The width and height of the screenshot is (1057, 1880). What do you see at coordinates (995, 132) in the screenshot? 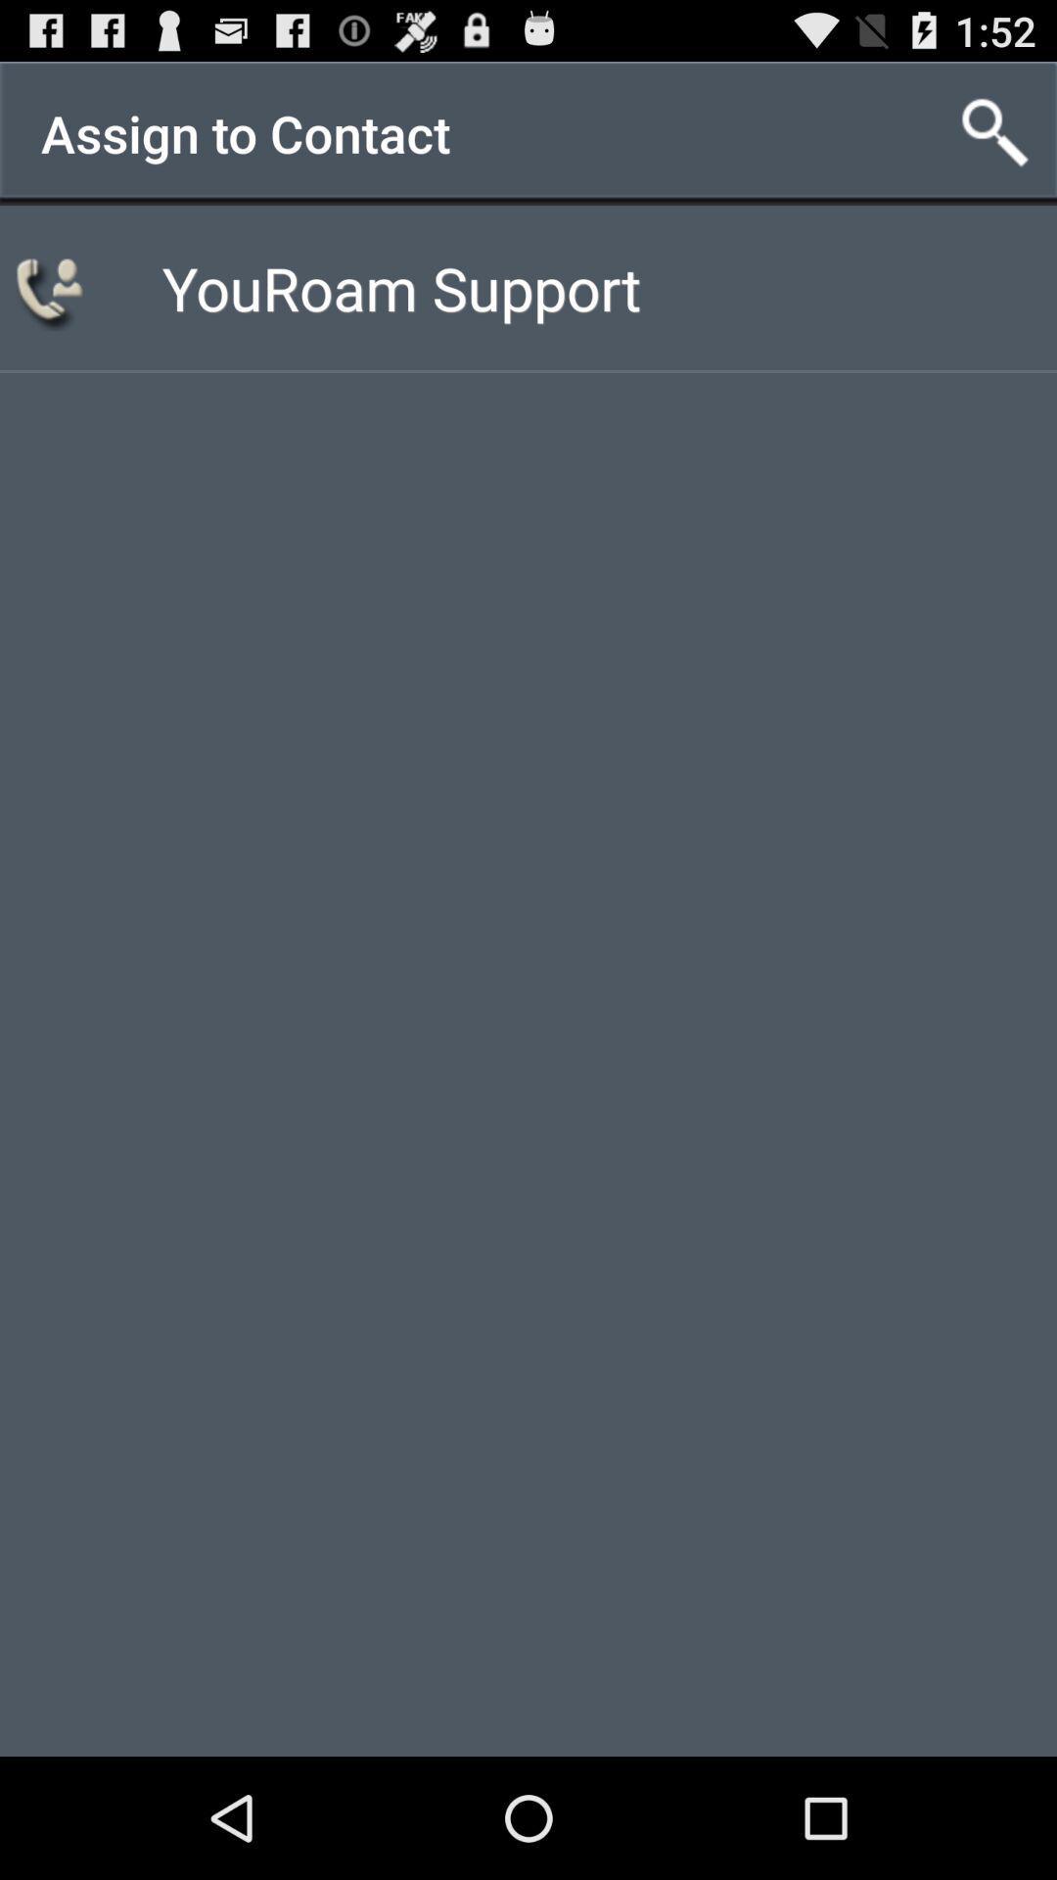
I see `the item to the right of the assign to contact app` at bounding box center [995, 132].